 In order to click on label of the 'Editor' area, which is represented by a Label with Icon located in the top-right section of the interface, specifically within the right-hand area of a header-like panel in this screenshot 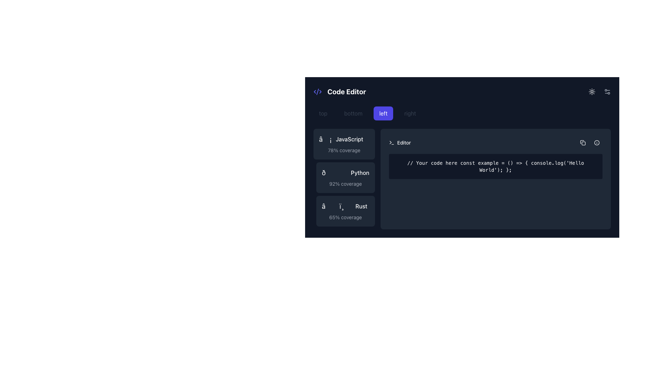, I will do `click(400, 142)`.